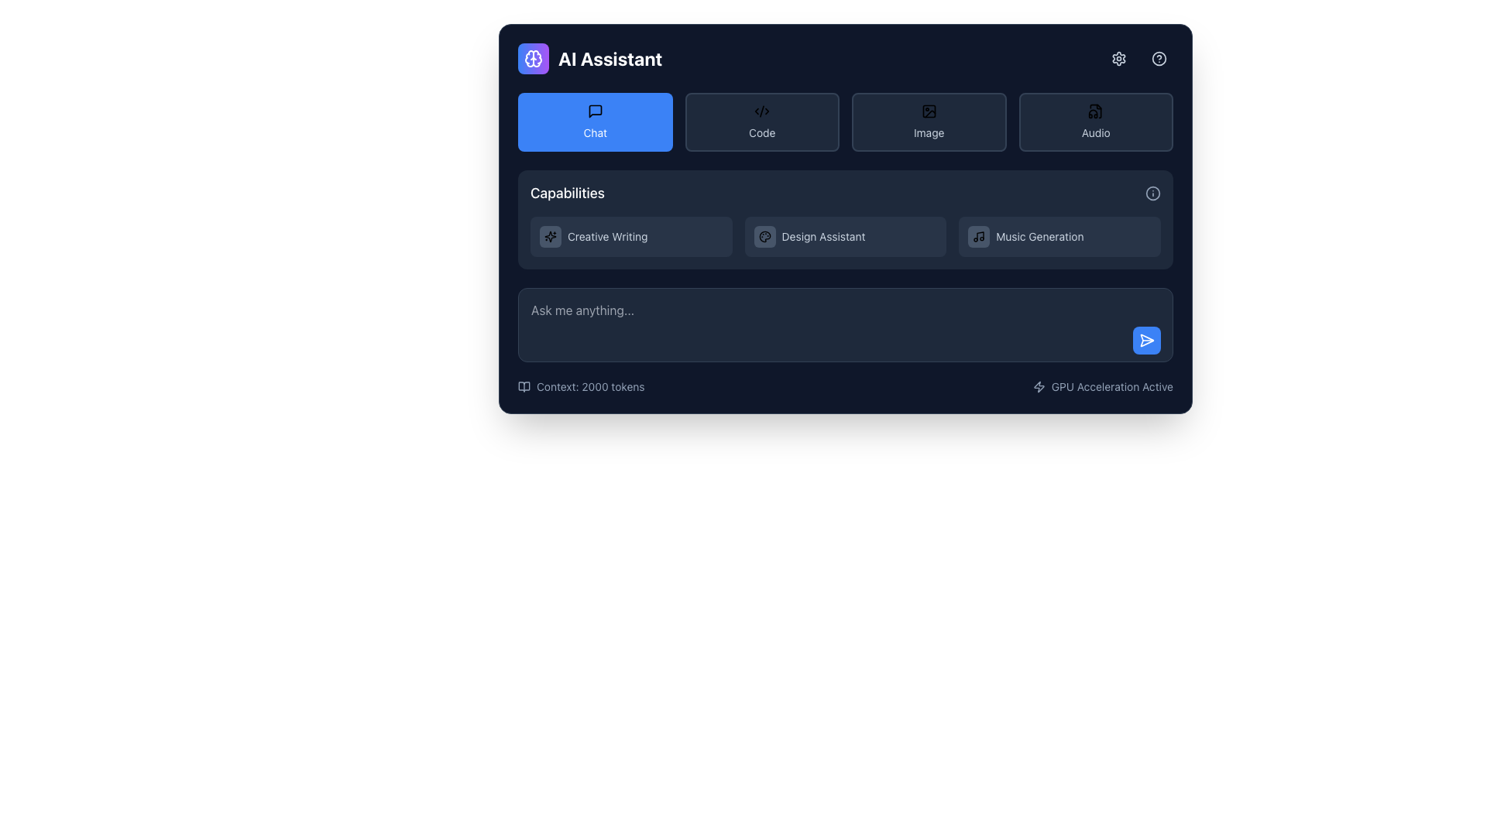 This screenshot has width=1487, height=836. What do you see at coordinates (534, 58) in the screenshot?
I see `the brain icon, which is a small line art SVG symbol with white strokes on a gradient background, located in the upper-left quadrant of the interface` at bounding box center [534, 58].